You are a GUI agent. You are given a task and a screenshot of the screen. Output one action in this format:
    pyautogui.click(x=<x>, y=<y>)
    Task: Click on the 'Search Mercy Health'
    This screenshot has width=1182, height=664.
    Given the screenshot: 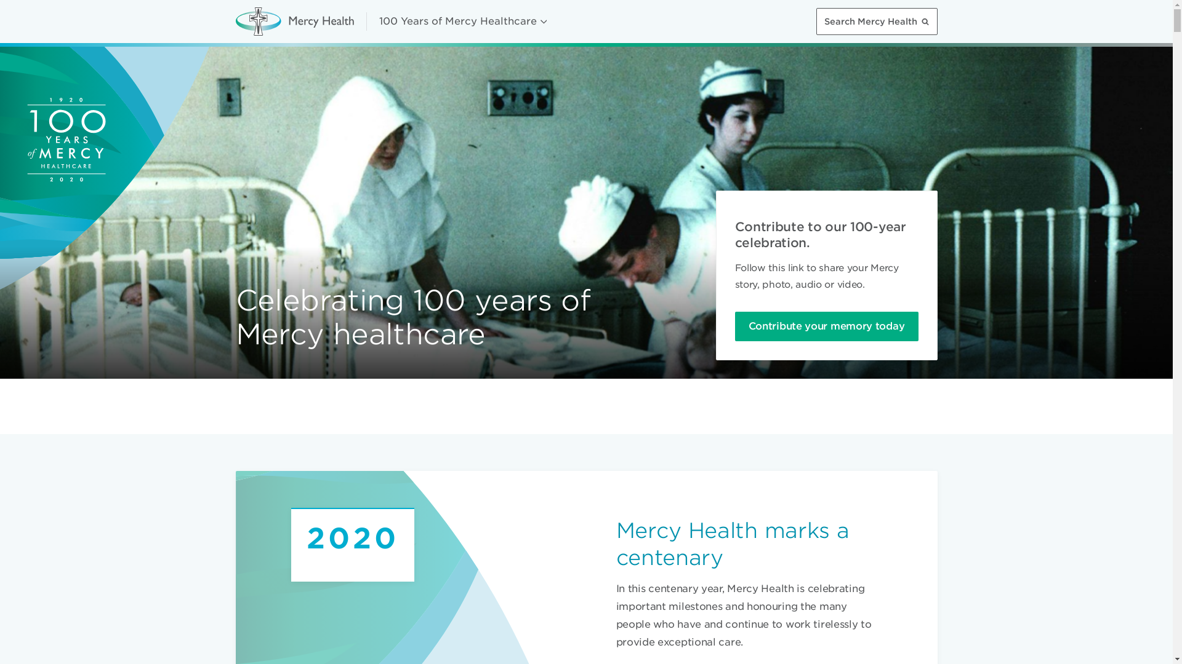 What is the action you would take?
    pyautogui.click(x=876, y=21)
    